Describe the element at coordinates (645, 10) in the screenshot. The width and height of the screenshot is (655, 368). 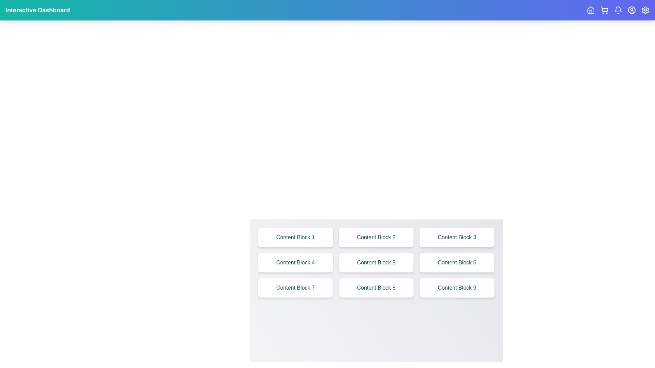
I see `the Settings navigation icon` at that location.